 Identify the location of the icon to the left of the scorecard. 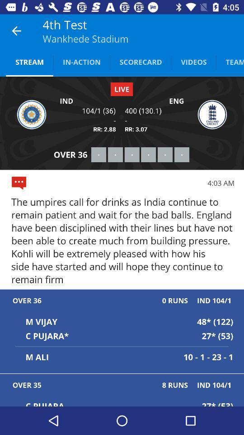
(81, 61).